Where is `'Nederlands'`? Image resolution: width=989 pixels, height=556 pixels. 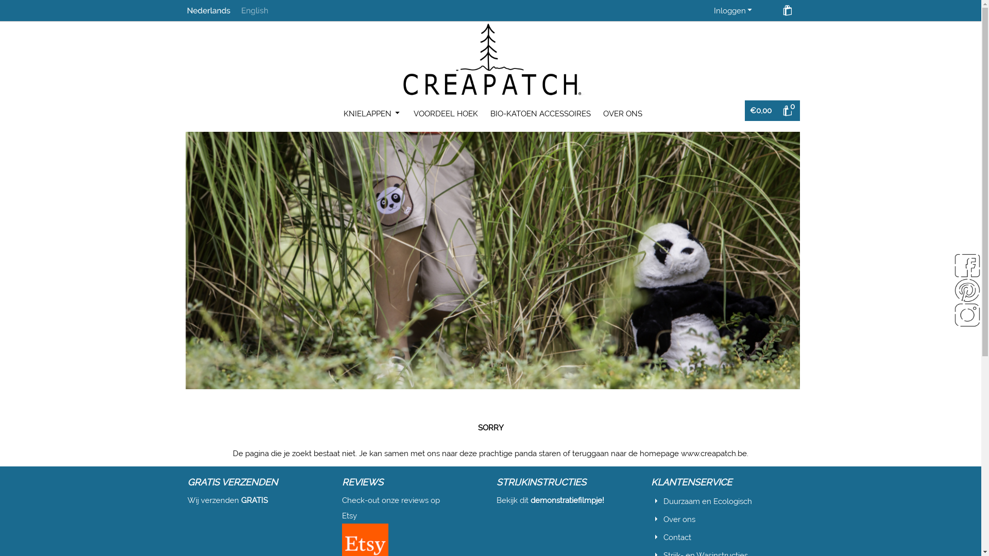 'Nederlands' is located at coordinates (208, 10).